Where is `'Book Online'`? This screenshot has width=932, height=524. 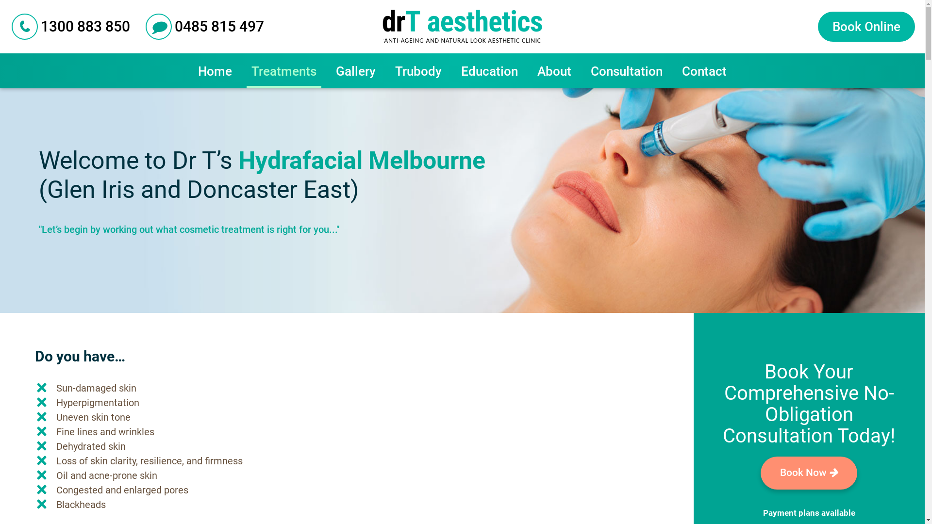
'Book Online' is located at coordinates (866, 26).